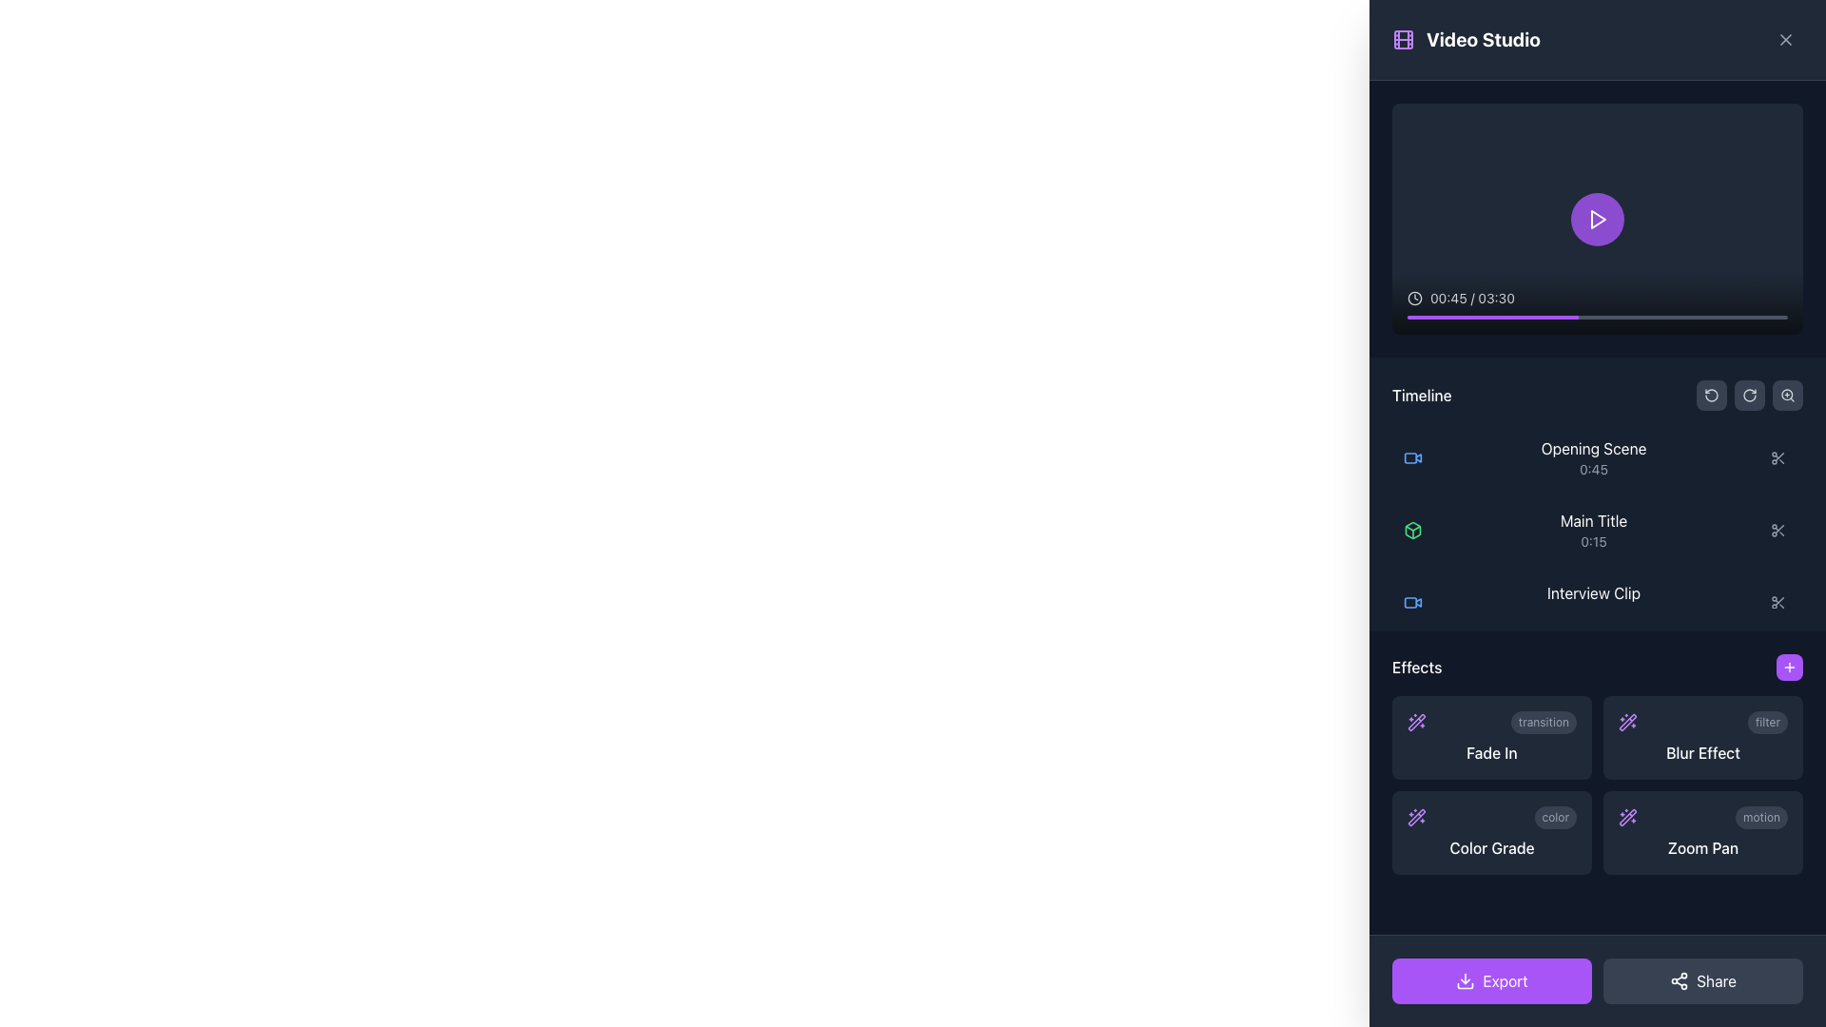  What do you see at coordinates (1598, 516) in the screenshot?
I see `the timeline list item with the title 'Main Title'` at bounding box center [1598, 516].